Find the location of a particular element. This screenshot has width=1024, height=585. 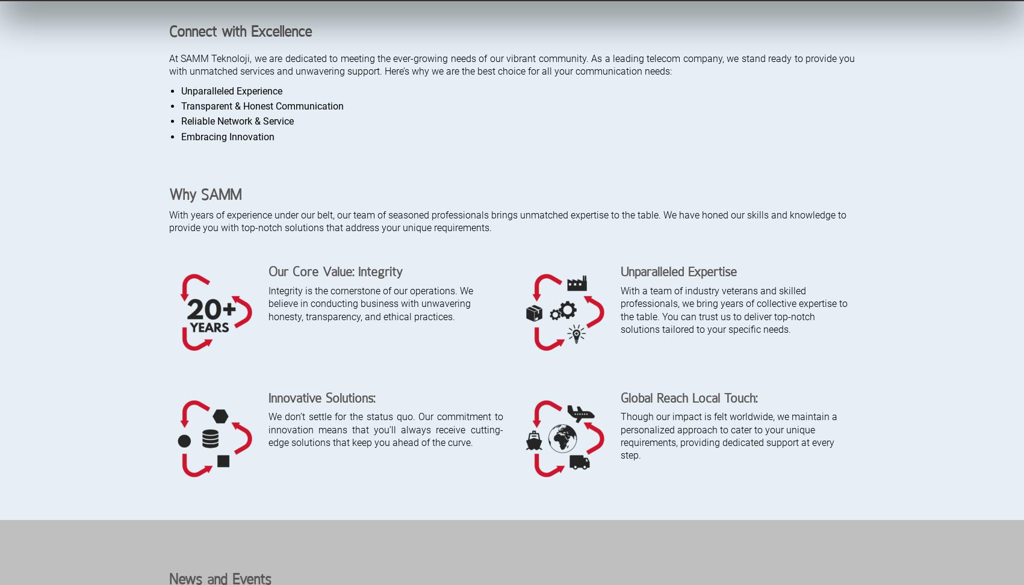

'Samm.com Now Provides a Faster, Simpler, and Easier Experience.' is located at coordinates (412, 292).